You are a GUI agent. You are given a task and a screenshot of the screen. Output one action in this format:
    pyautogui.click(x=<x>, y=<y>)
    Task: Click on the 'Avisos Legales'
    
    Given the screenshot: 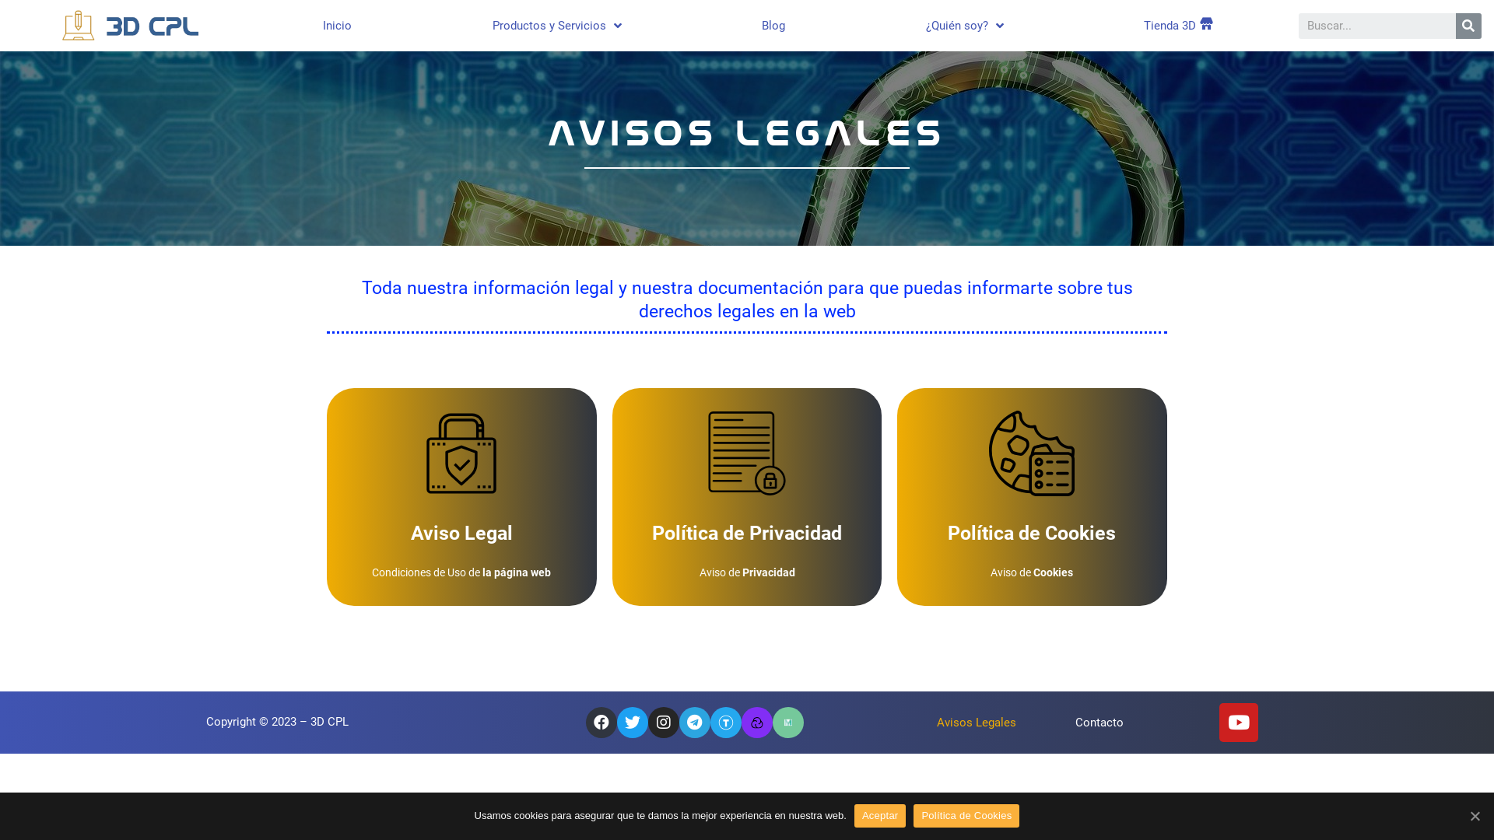 What is the action you would take?
    pyautogui.click(x=975, y=723)
    